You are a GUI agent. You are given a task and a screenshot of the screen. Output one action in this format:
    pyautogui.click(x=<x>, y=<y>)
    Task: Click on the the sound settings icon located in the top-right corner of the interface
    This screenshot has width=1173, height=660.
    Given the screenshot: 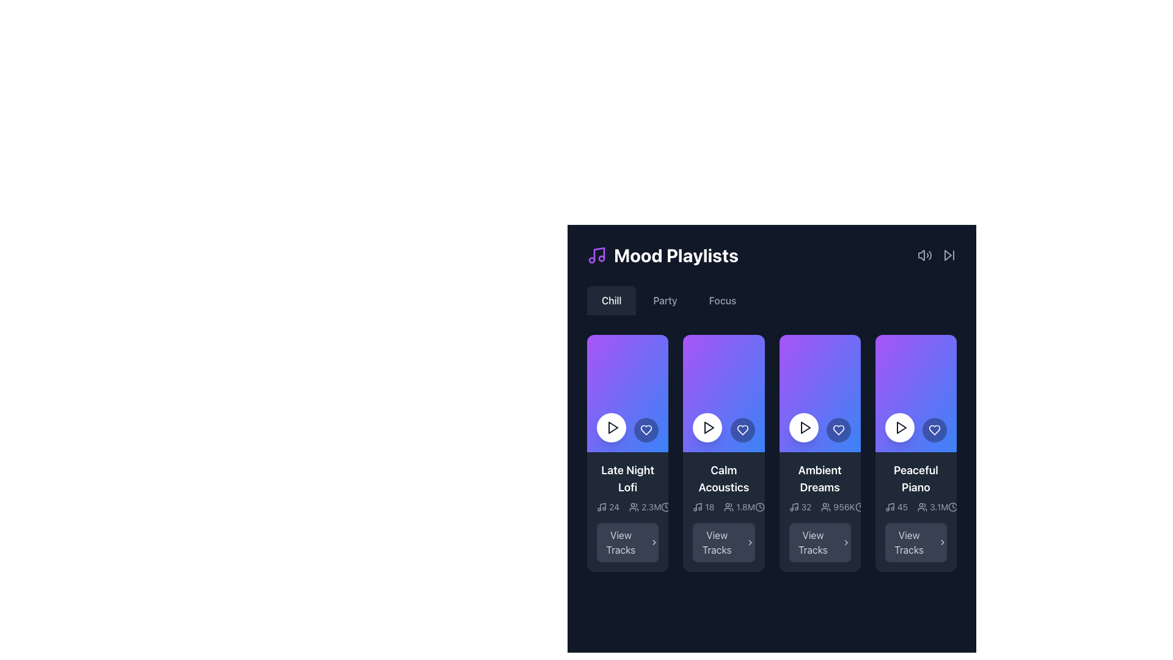 What is the action you would take?
    pyautogui.click(x=924, y=254)
    